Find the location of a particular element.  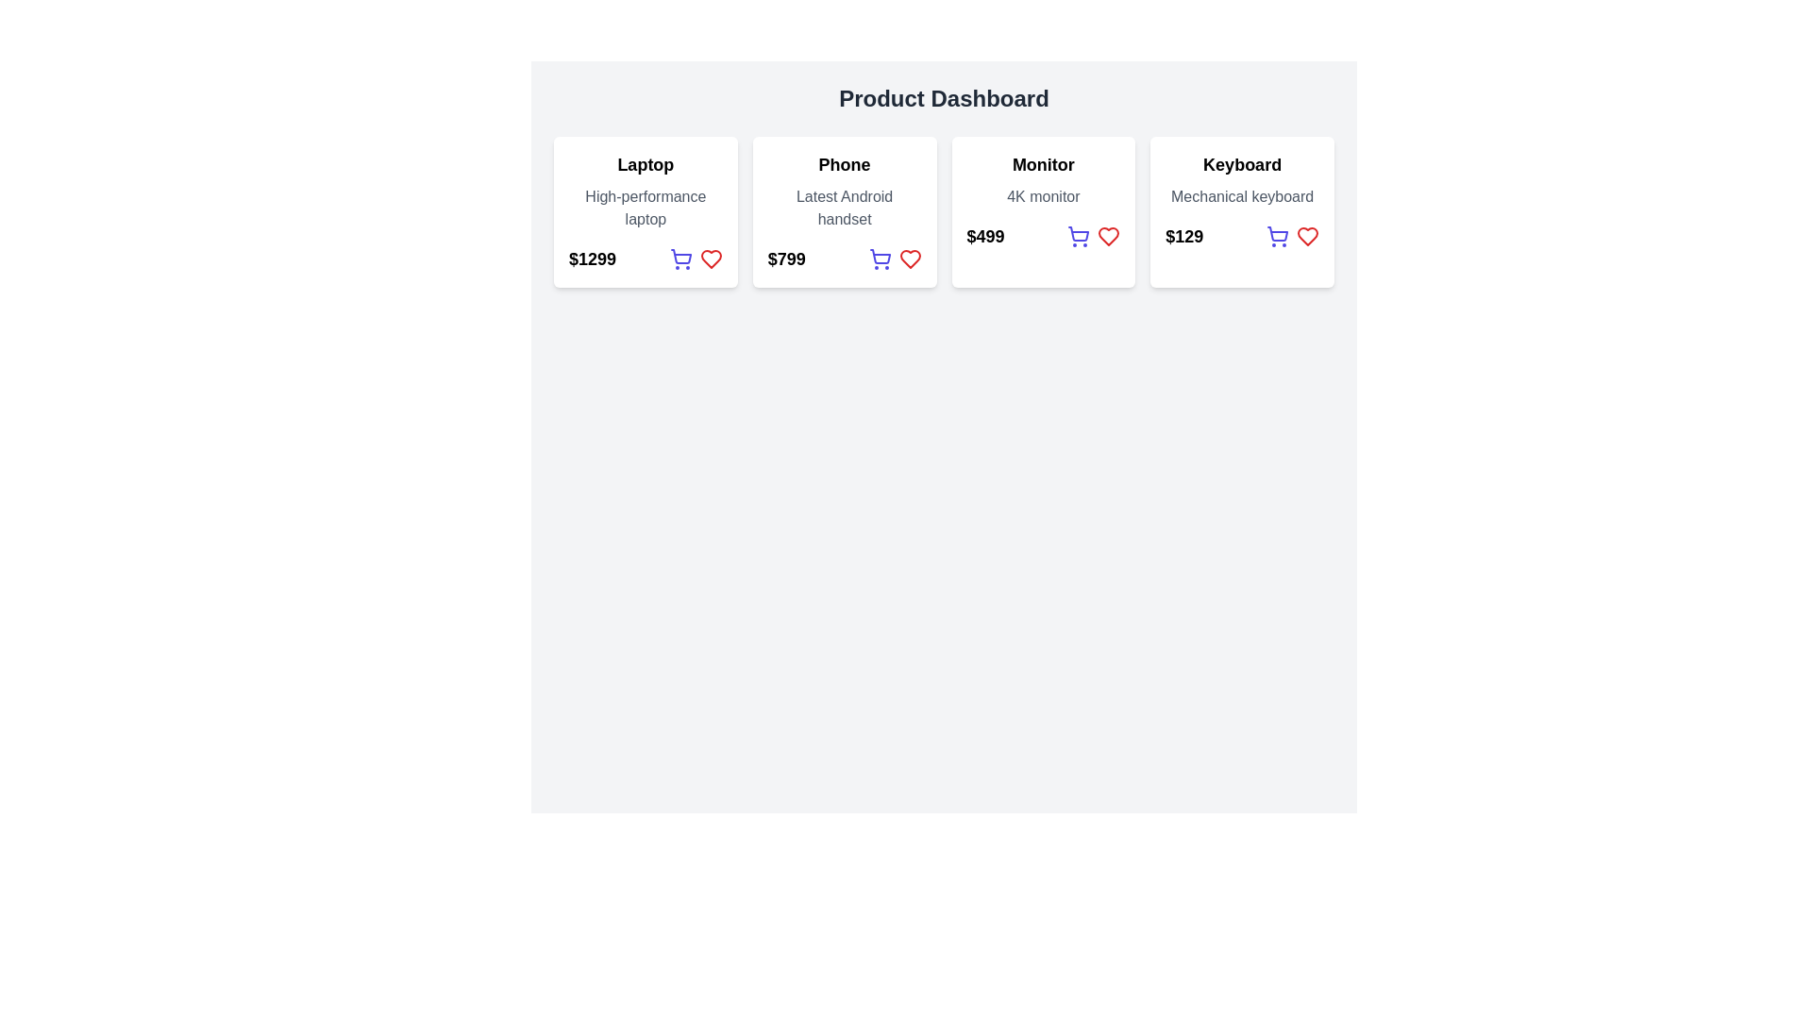

the main body of the shopping cart icon located within the third card representing 'Monitor' in the product dashboard is located at coordinates (1079, 233).